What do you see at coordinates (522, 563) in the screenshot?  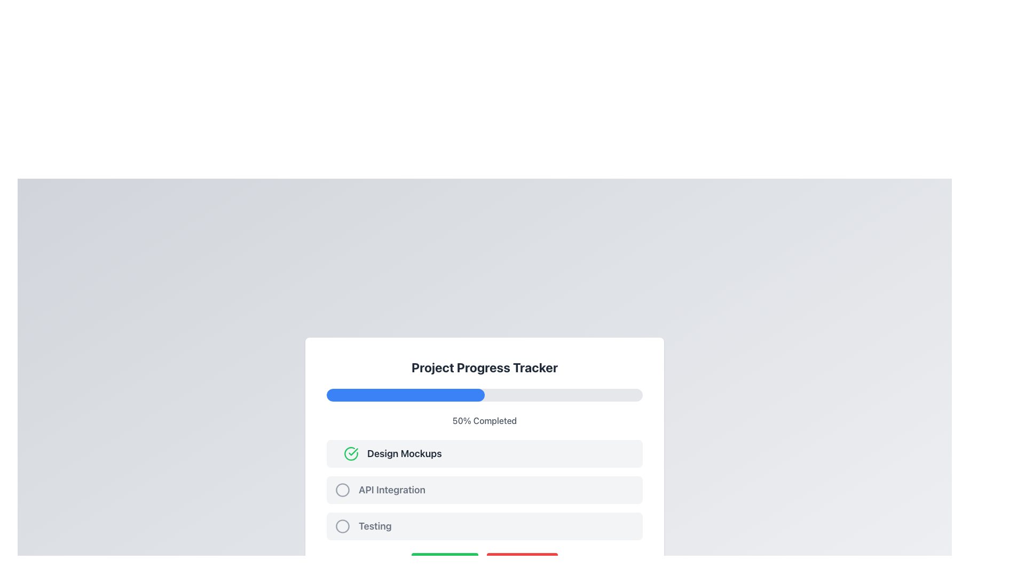 I see `the 'Decrease' button located at the bottom right of the interface, adjacent to the 'Increase' button` at bounding box center [522, 563].